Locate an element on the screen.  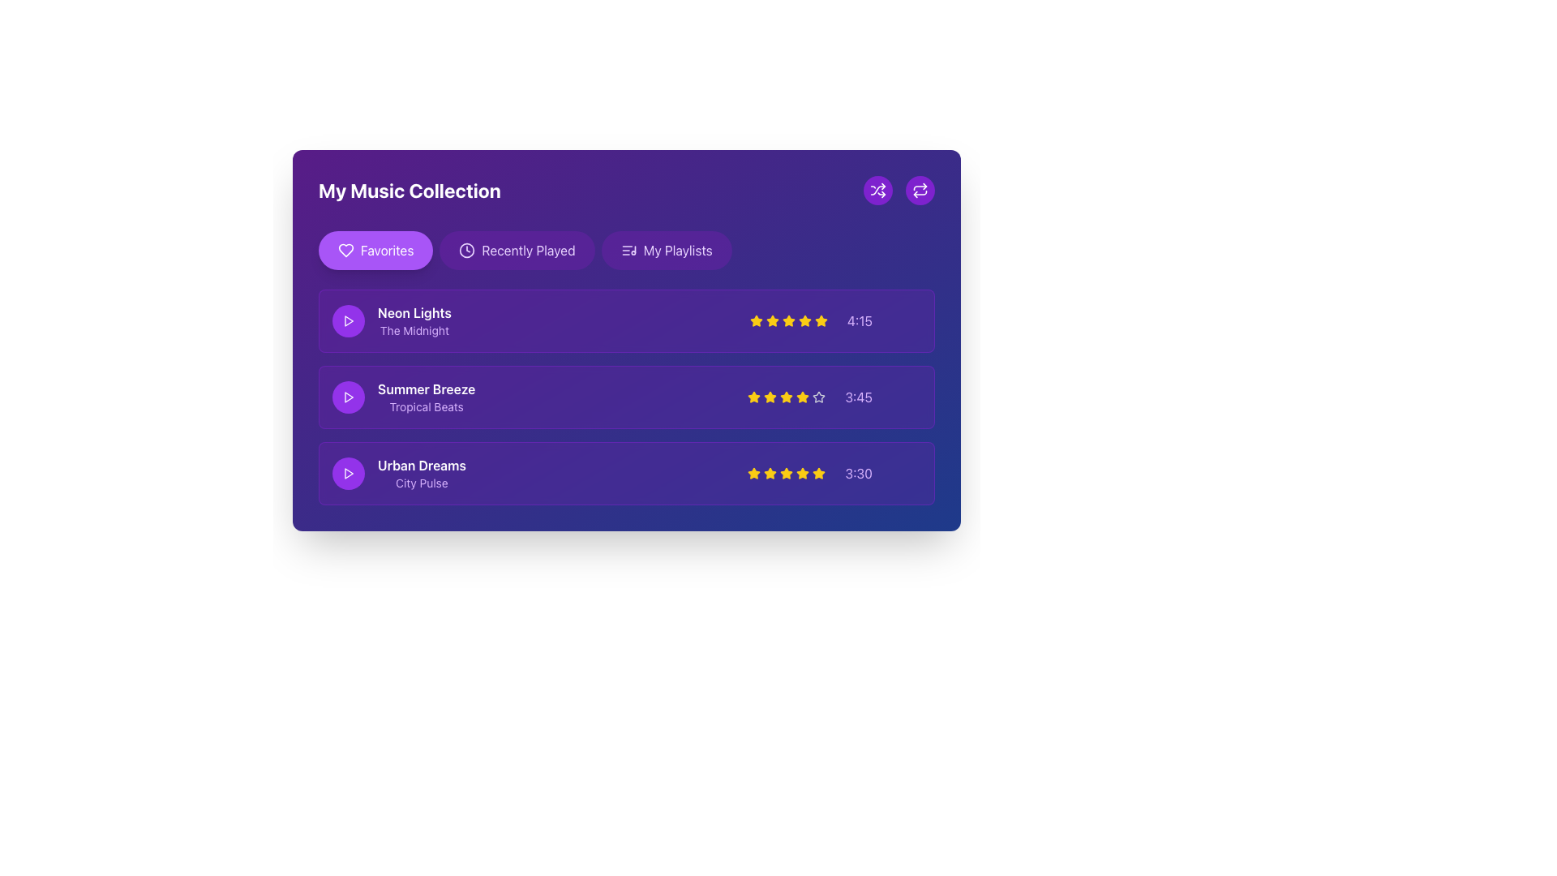
the heart icon used for marking items as favorites, located within the 'Favorites' button at the top section of the interface is located at coordinates (345, 250).